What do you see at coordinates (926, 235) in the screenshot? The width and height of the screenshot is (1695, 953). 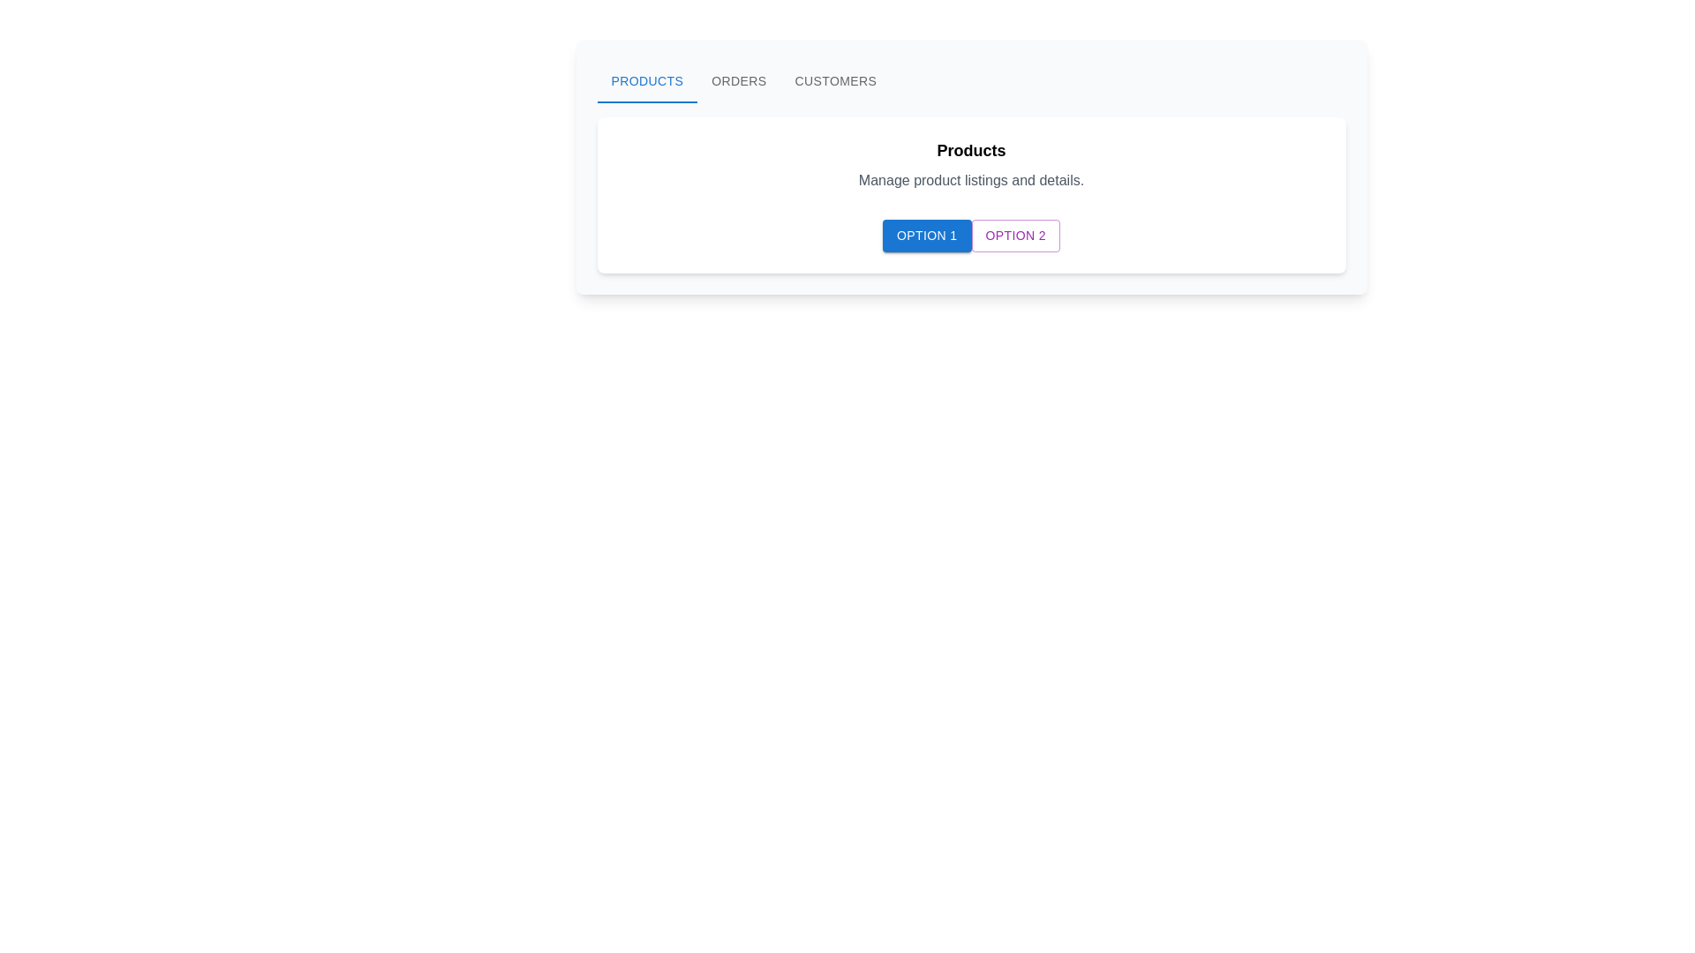 I see `the primary action button located under the 'Products' heading, which is the first of two buttons in a horizontal layout` at bounding box center [926, 235].